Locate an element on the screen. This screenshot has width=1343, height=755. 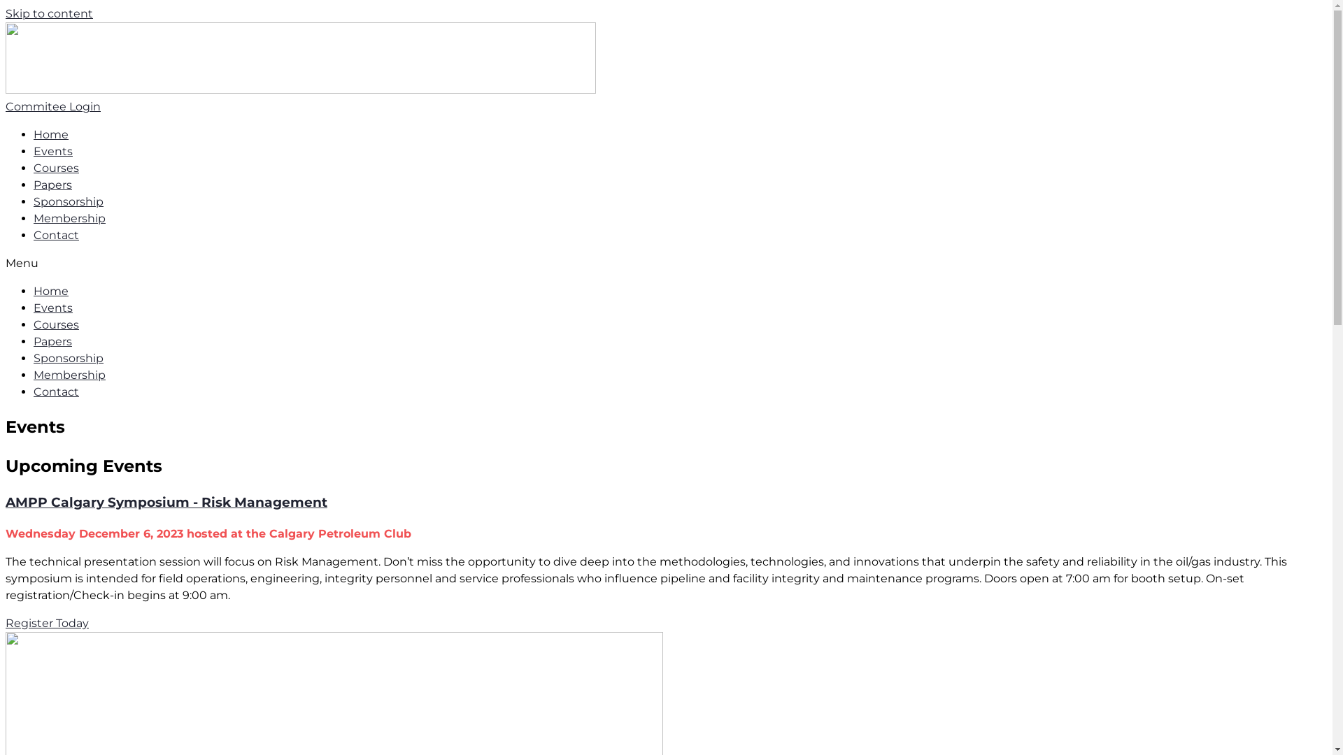
'Papers' is located at coordinates (52, 184).